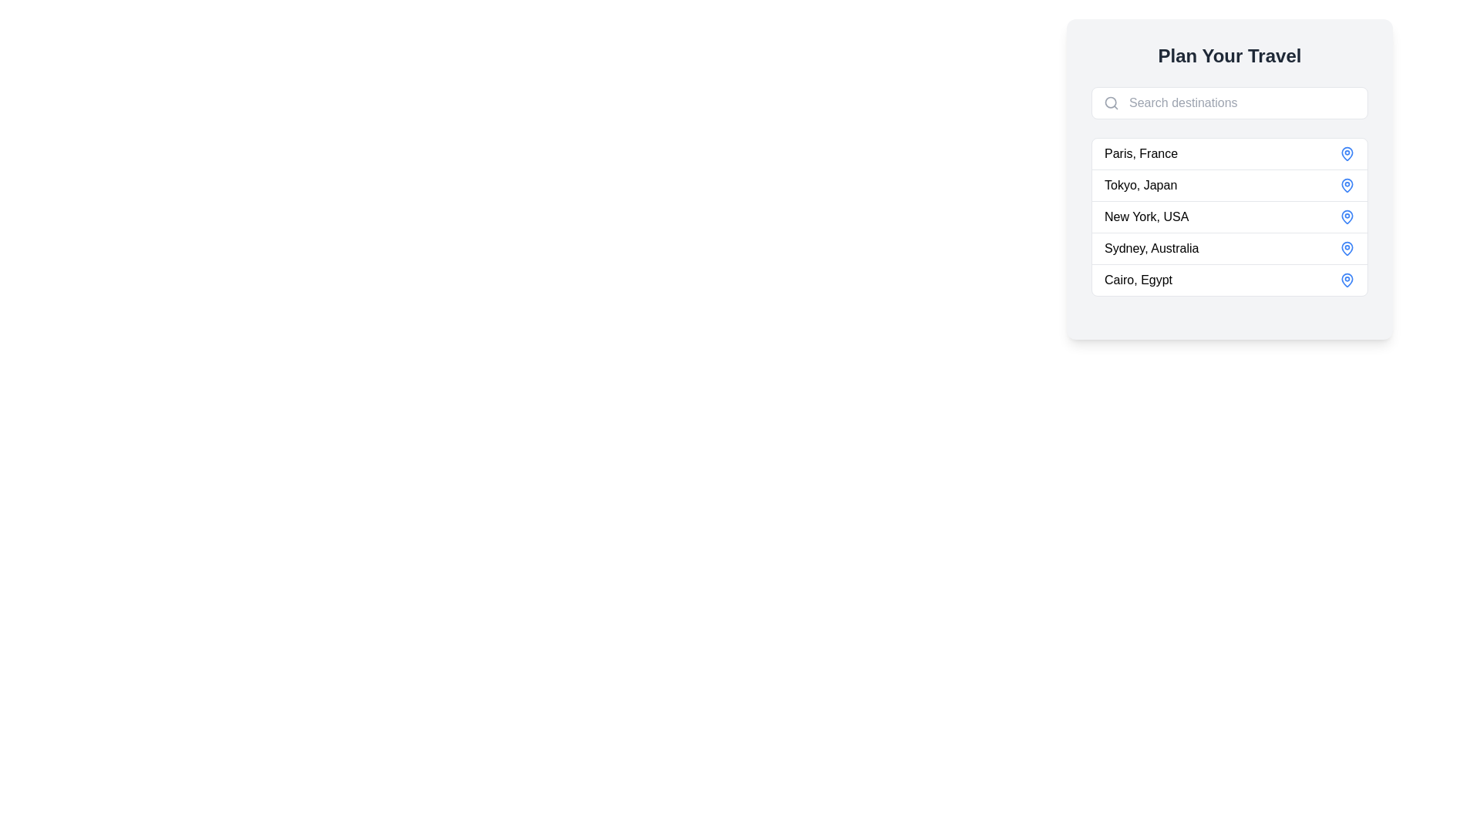  Describe the element at coordinates (1346, 154) in the screenshot. I see `the blue map pin icon with a hollow interior associated with the 'Paris, France' entry in the list` at that location.